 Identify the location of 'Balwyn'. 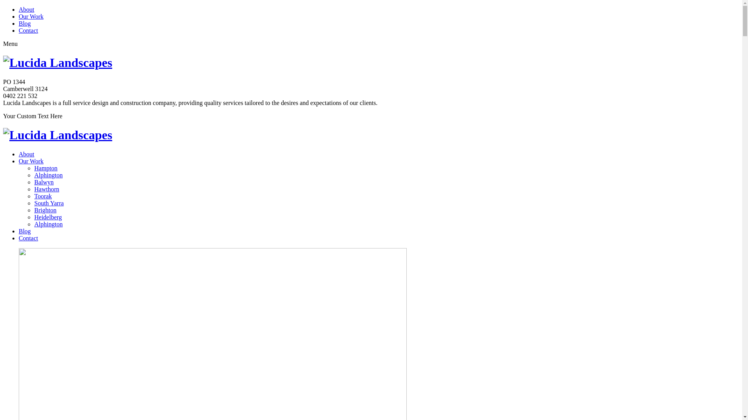
(44, 182).